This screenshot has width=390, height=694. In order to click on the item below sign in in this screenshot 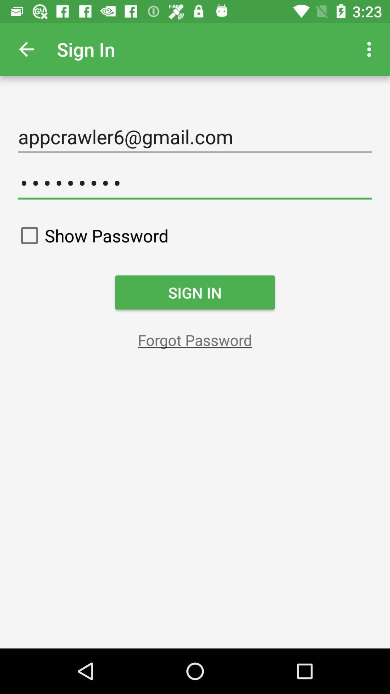, I will do `click(195, 339)`.